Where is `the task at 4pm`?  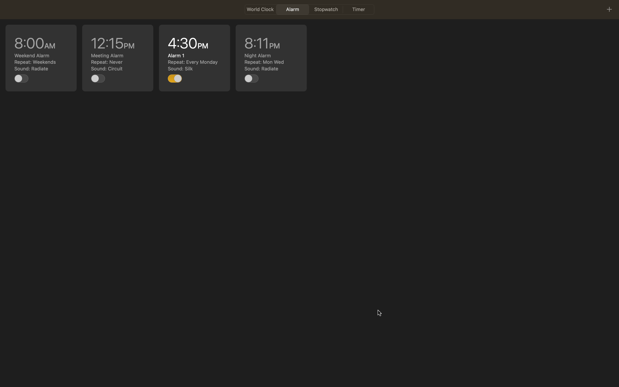 the task at 4pm is located at coordinates (175, 78).